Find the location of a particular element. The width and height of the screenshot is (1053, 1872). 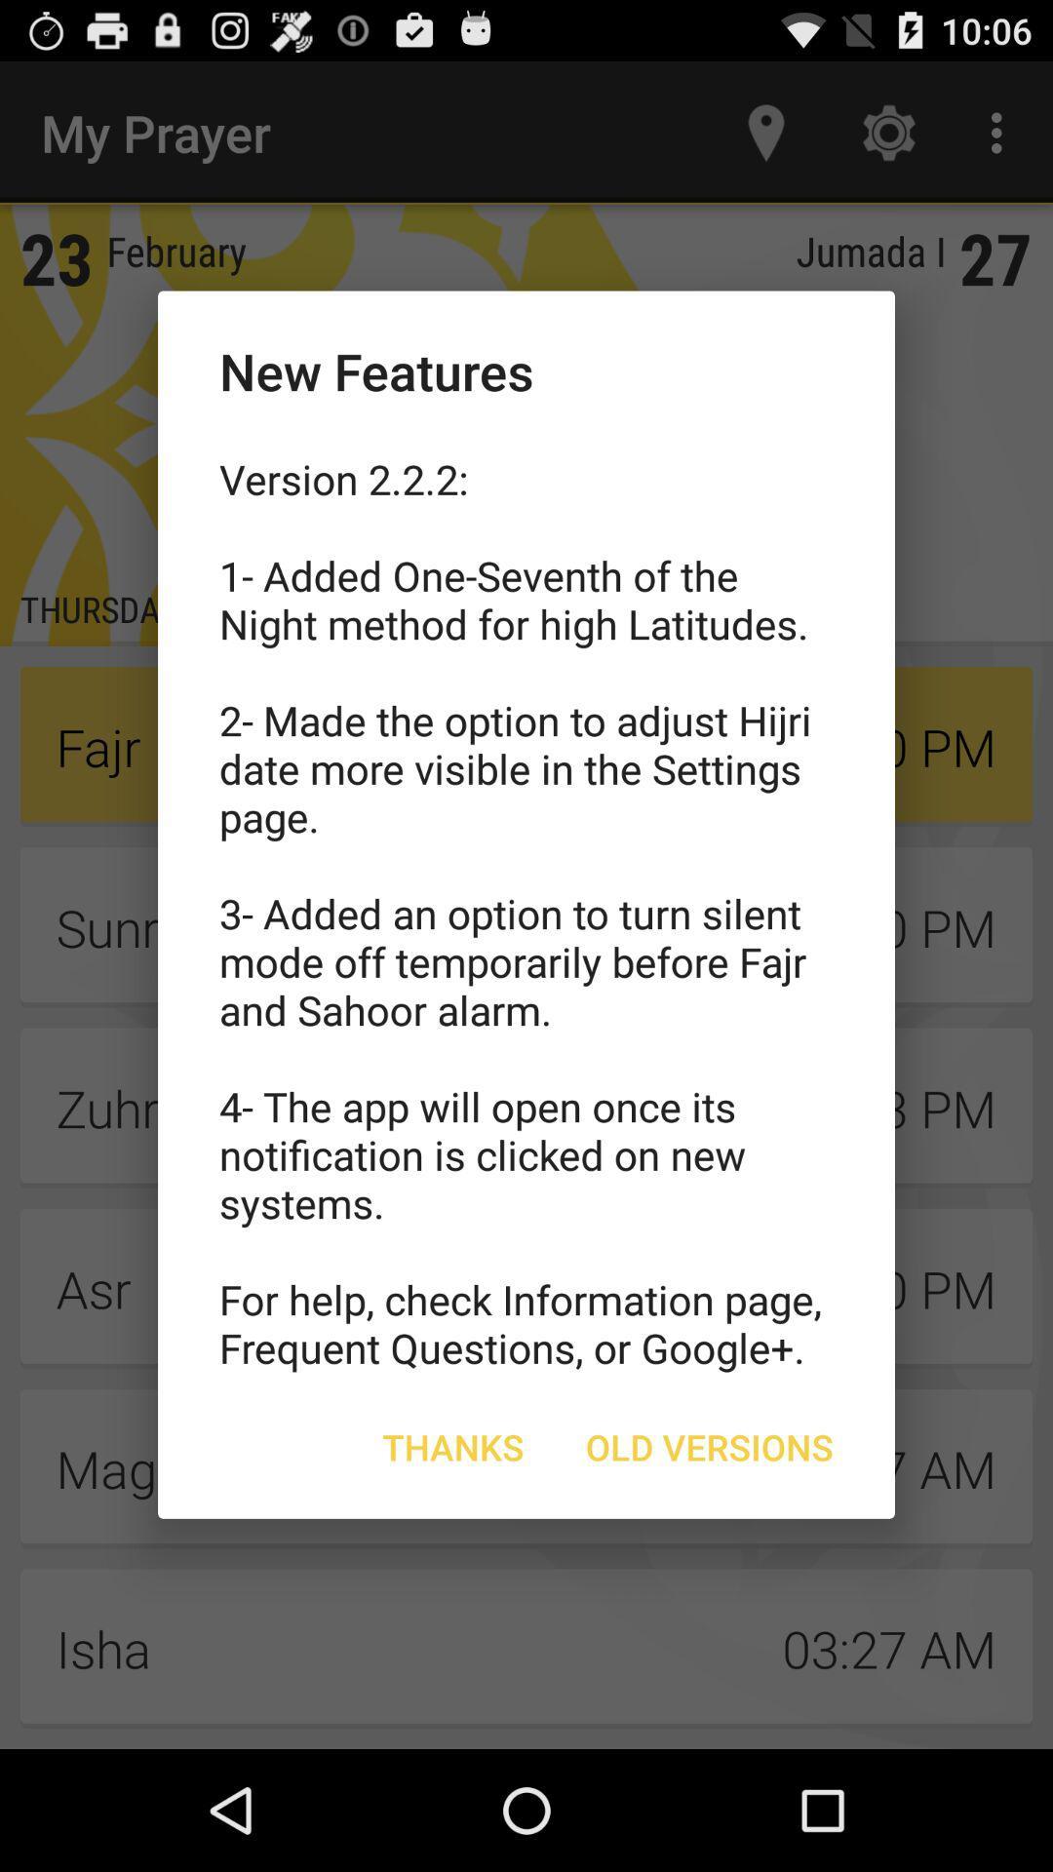

icon next to thanks button is located at coordinates (709, 1447).